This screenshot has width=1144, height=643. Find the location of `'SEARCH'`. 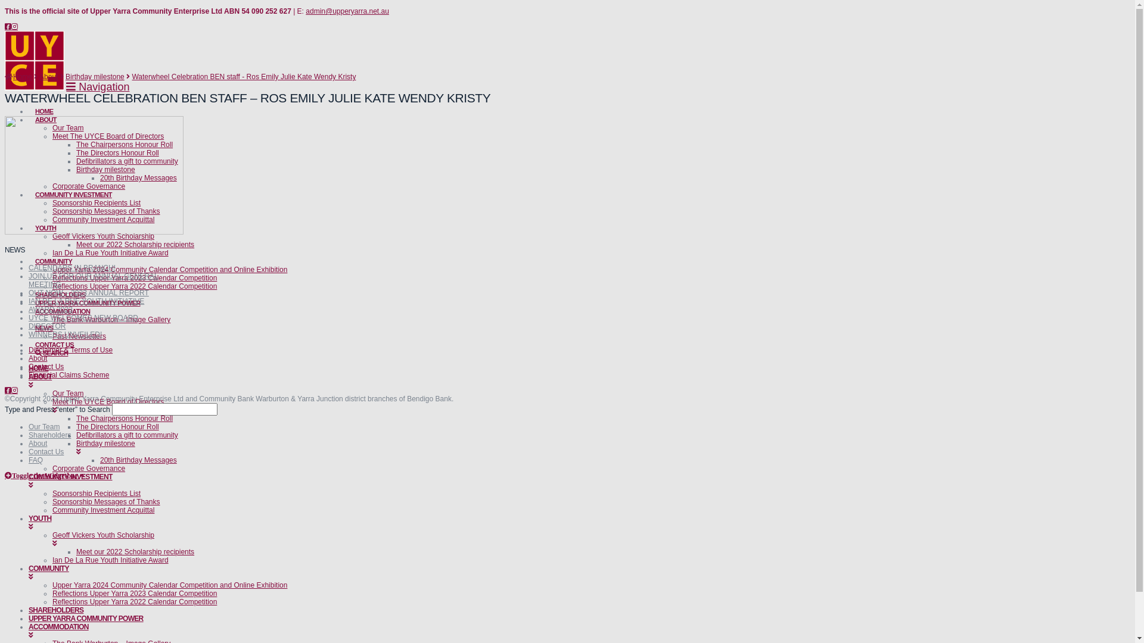

'SEARCH' is located at coordinates (51, 349).